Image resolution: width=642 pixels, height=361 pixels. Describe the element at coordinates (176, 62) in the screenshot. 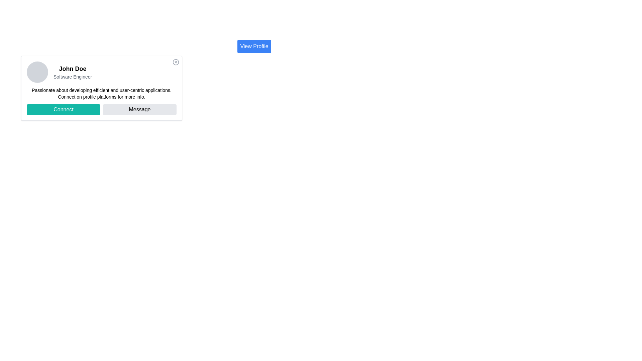

I see `the dismiss button located at the top-right corner of the user information card displaying 'John Doe' and 'Software Engineer'` at that location.